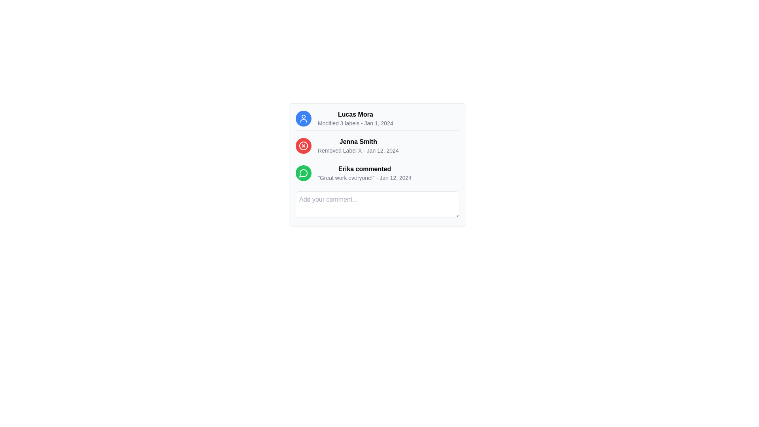 Image resolution: width=759 pixels, height=427 pixels. Describe the element at coordinates (303, 146) in the screenshot. I see `the action button for 'Jenna Smith'` at that location.